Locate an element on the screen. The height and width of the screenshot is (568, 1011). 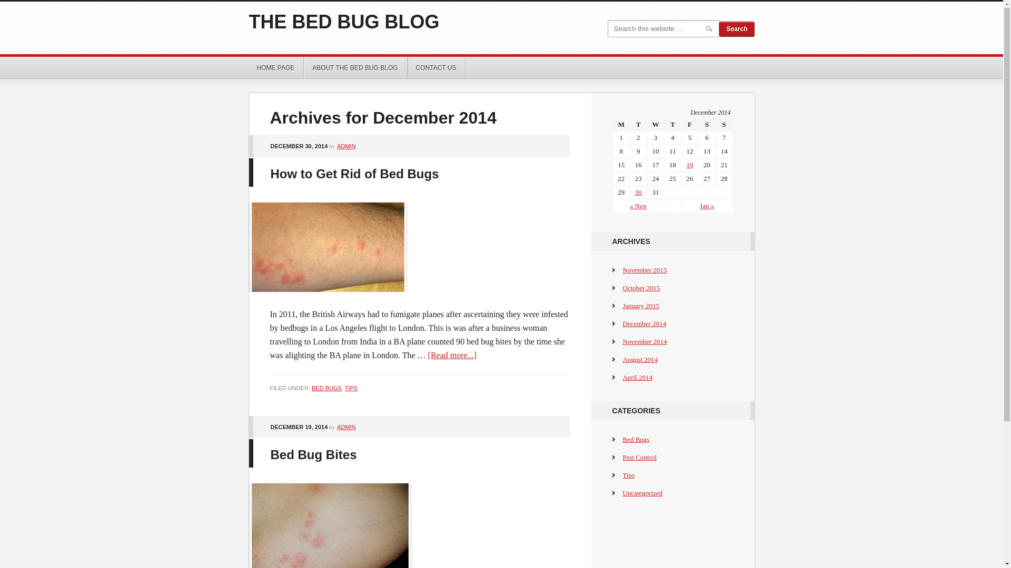
'THE BED BUG BLOG' is located at coordinates (343, 22).